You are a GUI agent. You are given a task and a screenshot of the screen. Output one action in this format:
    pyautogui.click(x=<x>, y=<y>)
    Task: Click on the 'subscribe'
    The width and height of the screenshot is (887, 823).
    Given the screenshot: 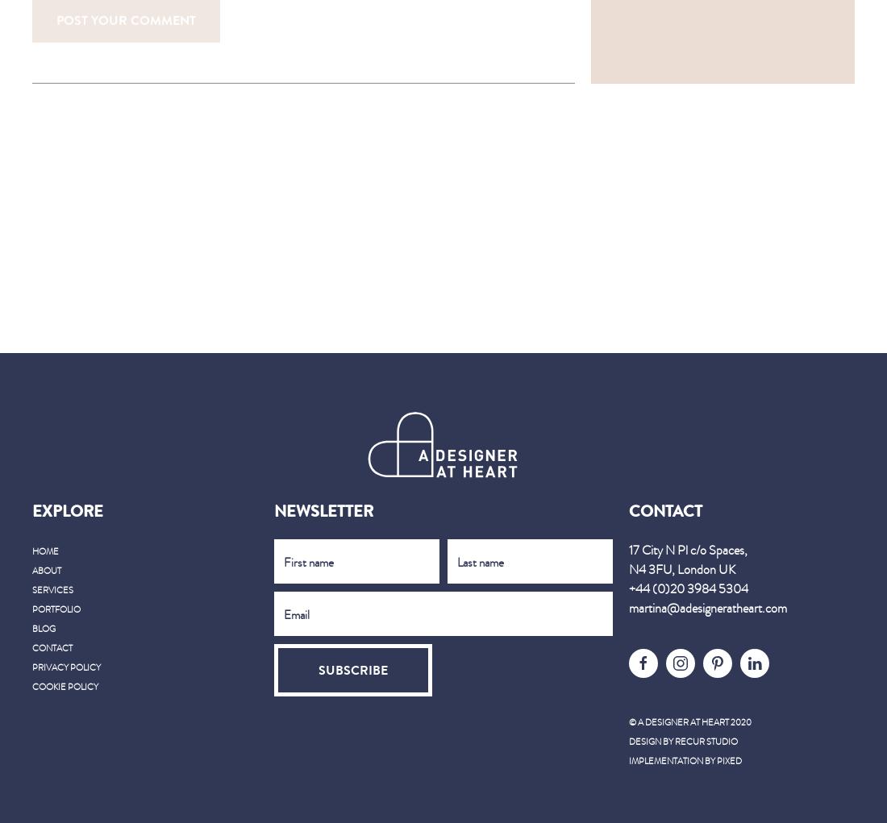 What is the action you would take?
    pyautogui.click(x=352, y=669)
    